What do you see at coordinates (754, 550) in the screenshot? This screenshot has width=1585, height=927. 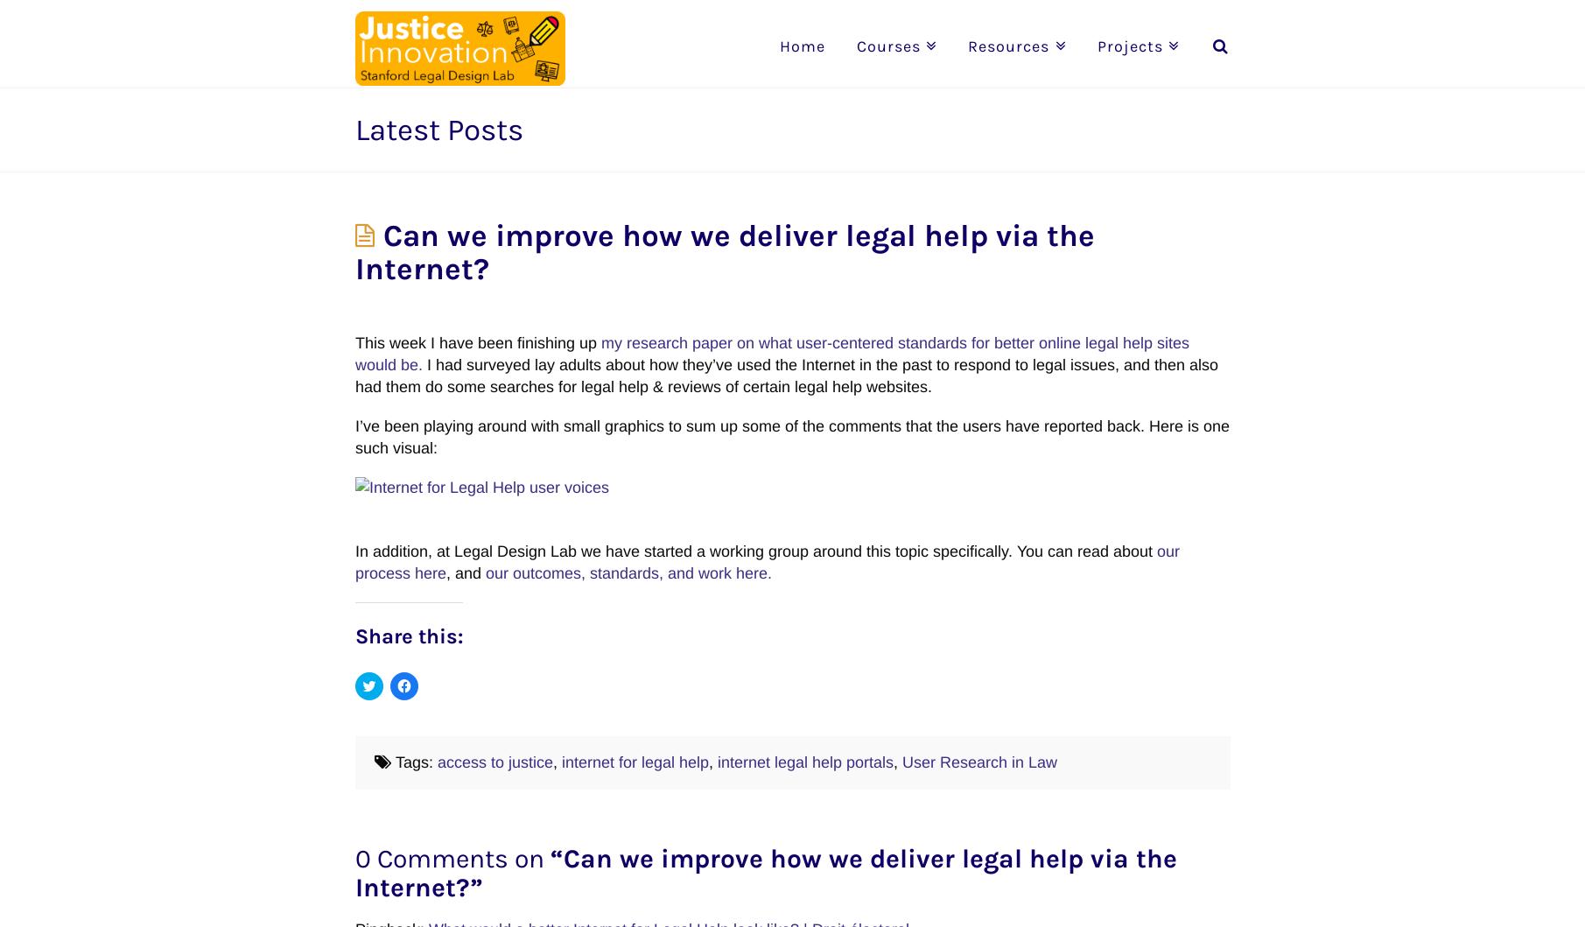 I see `'In addition, at Legal Design Lab we have started a working group around this topic specifically. You can read about'` at bounding box center [754, 550].